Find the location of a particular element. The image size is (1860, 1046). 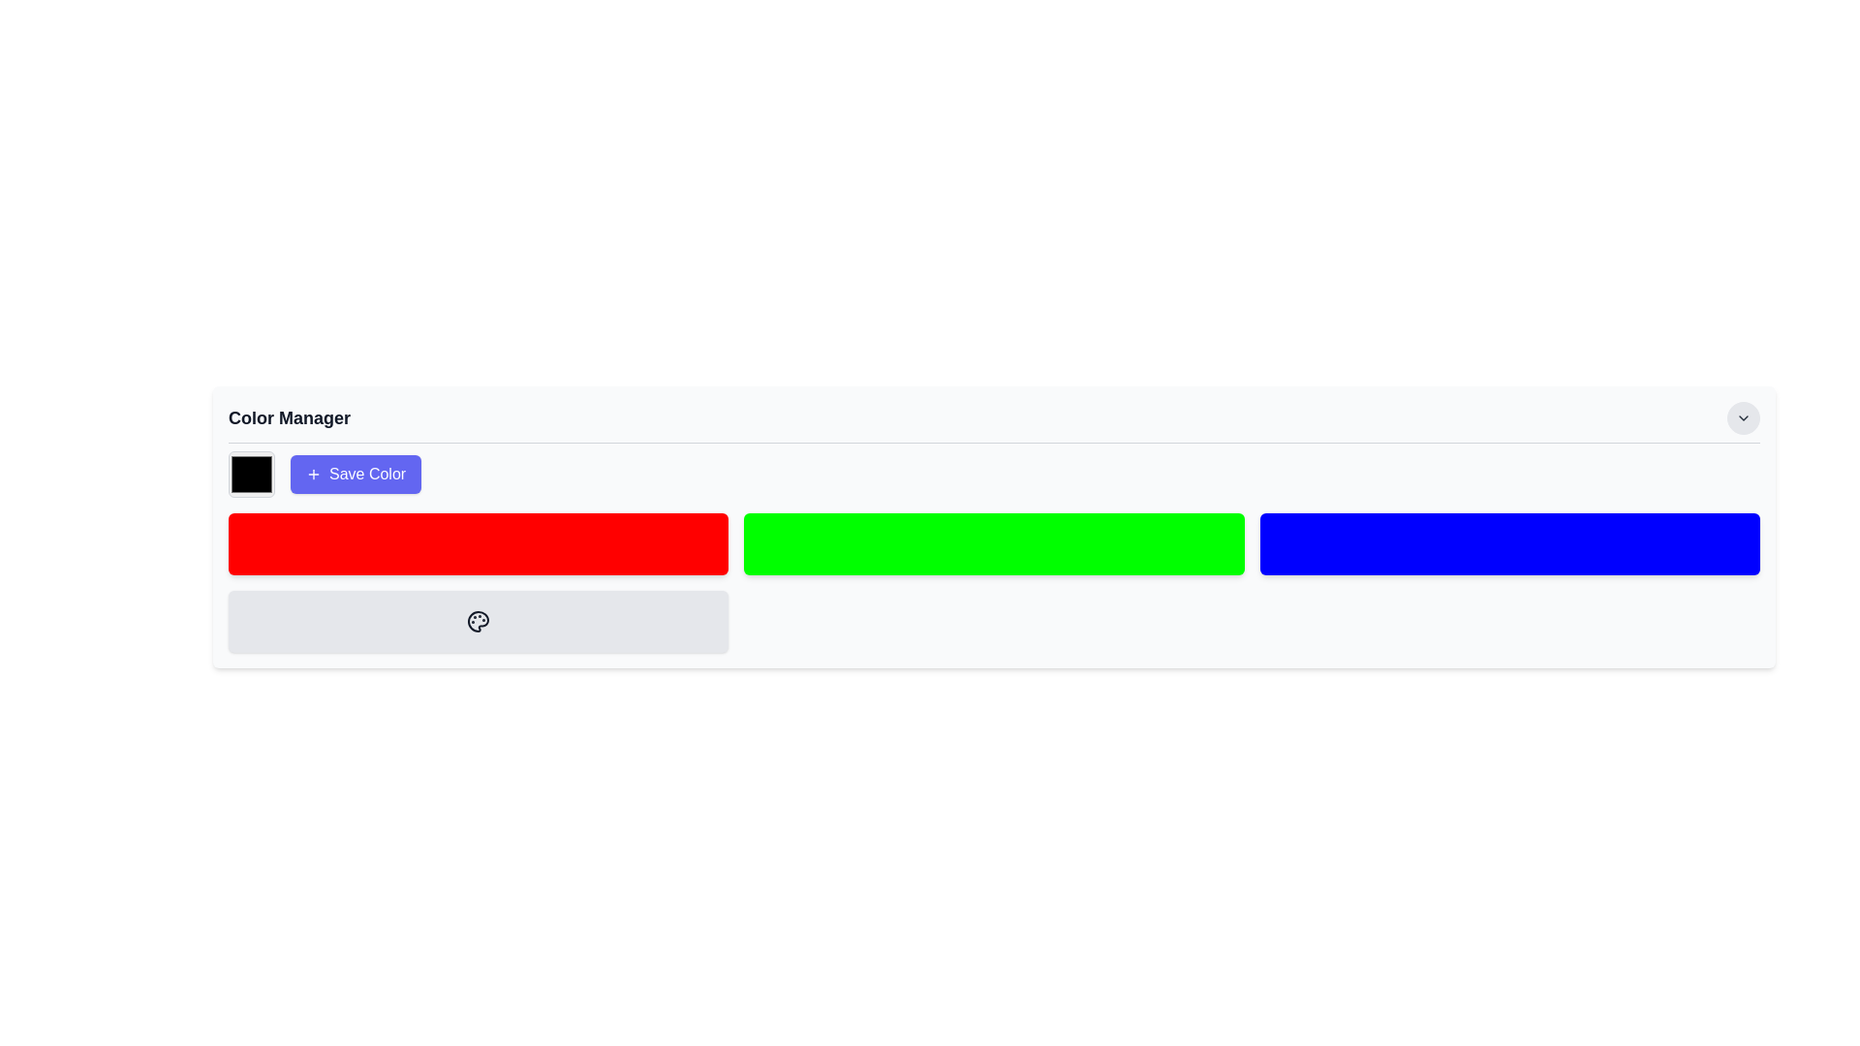

the third non-interactive rectangular block in a row of three, which is visually represented in the right portion of the grid layout is located at coordinates (1508, 544).